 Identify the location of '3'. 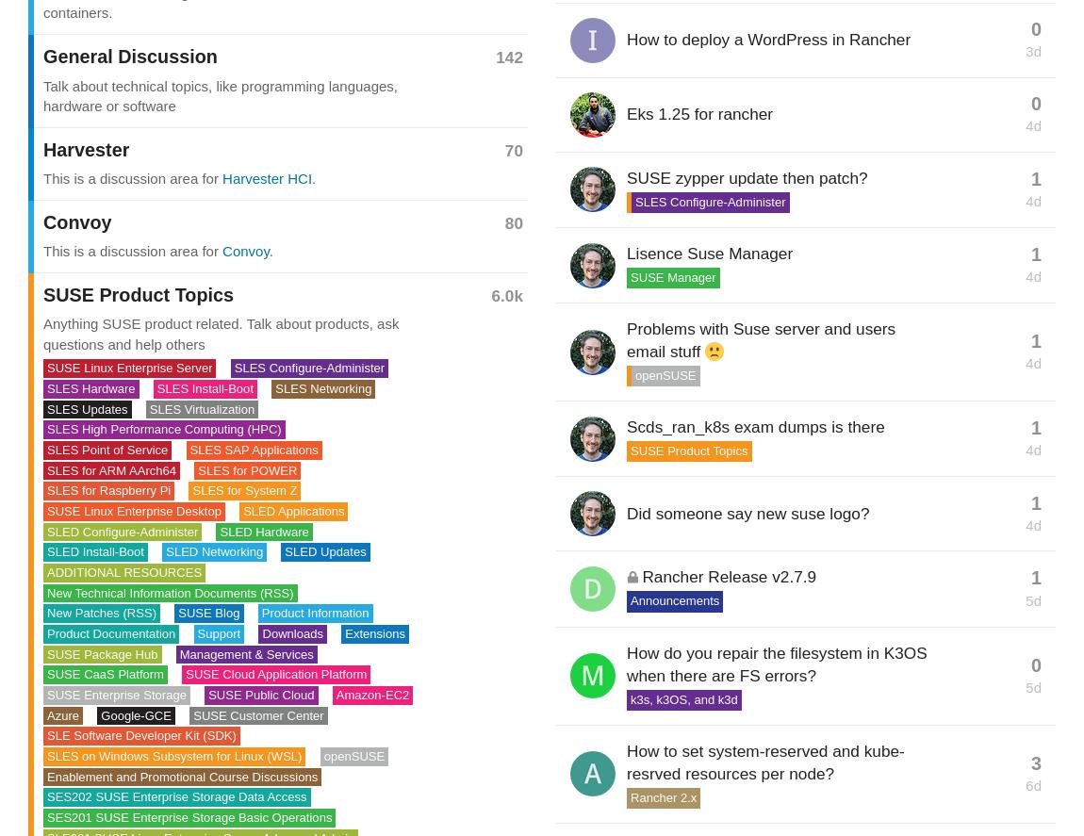
(1036, 762).